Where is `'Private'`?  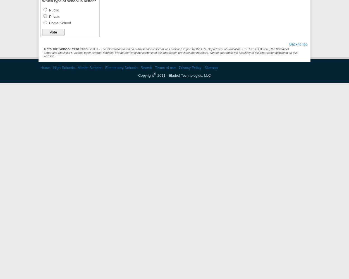
'Private' is located at coordinates (49, 16).